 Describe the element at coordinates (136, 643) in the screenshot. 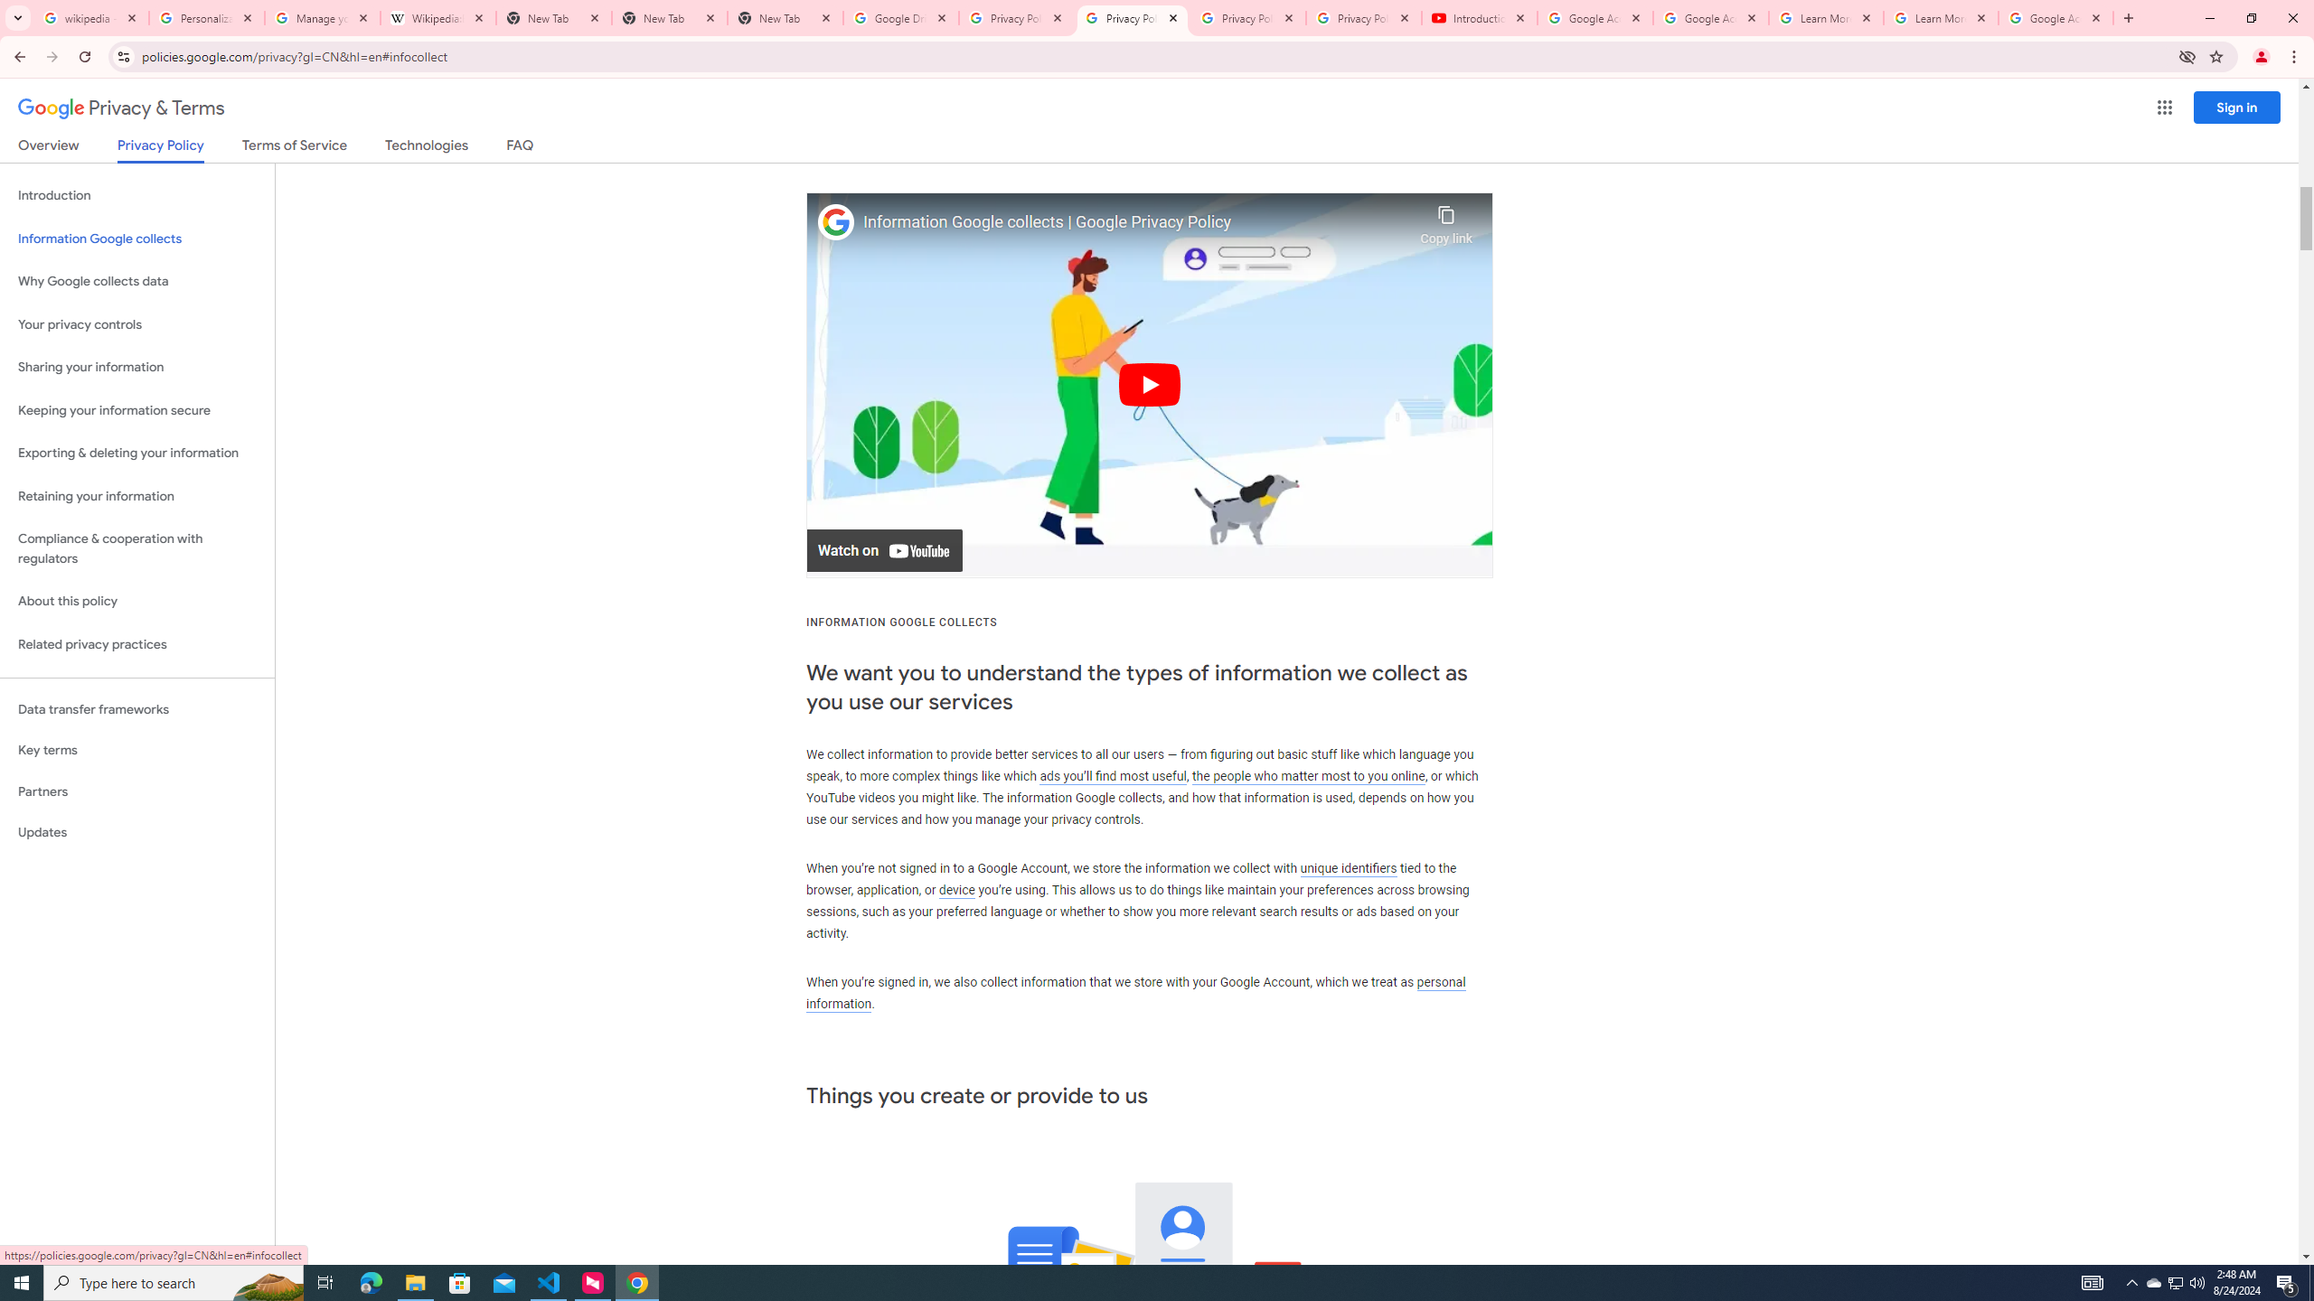

I see `'Related privacy practices'` at that location.